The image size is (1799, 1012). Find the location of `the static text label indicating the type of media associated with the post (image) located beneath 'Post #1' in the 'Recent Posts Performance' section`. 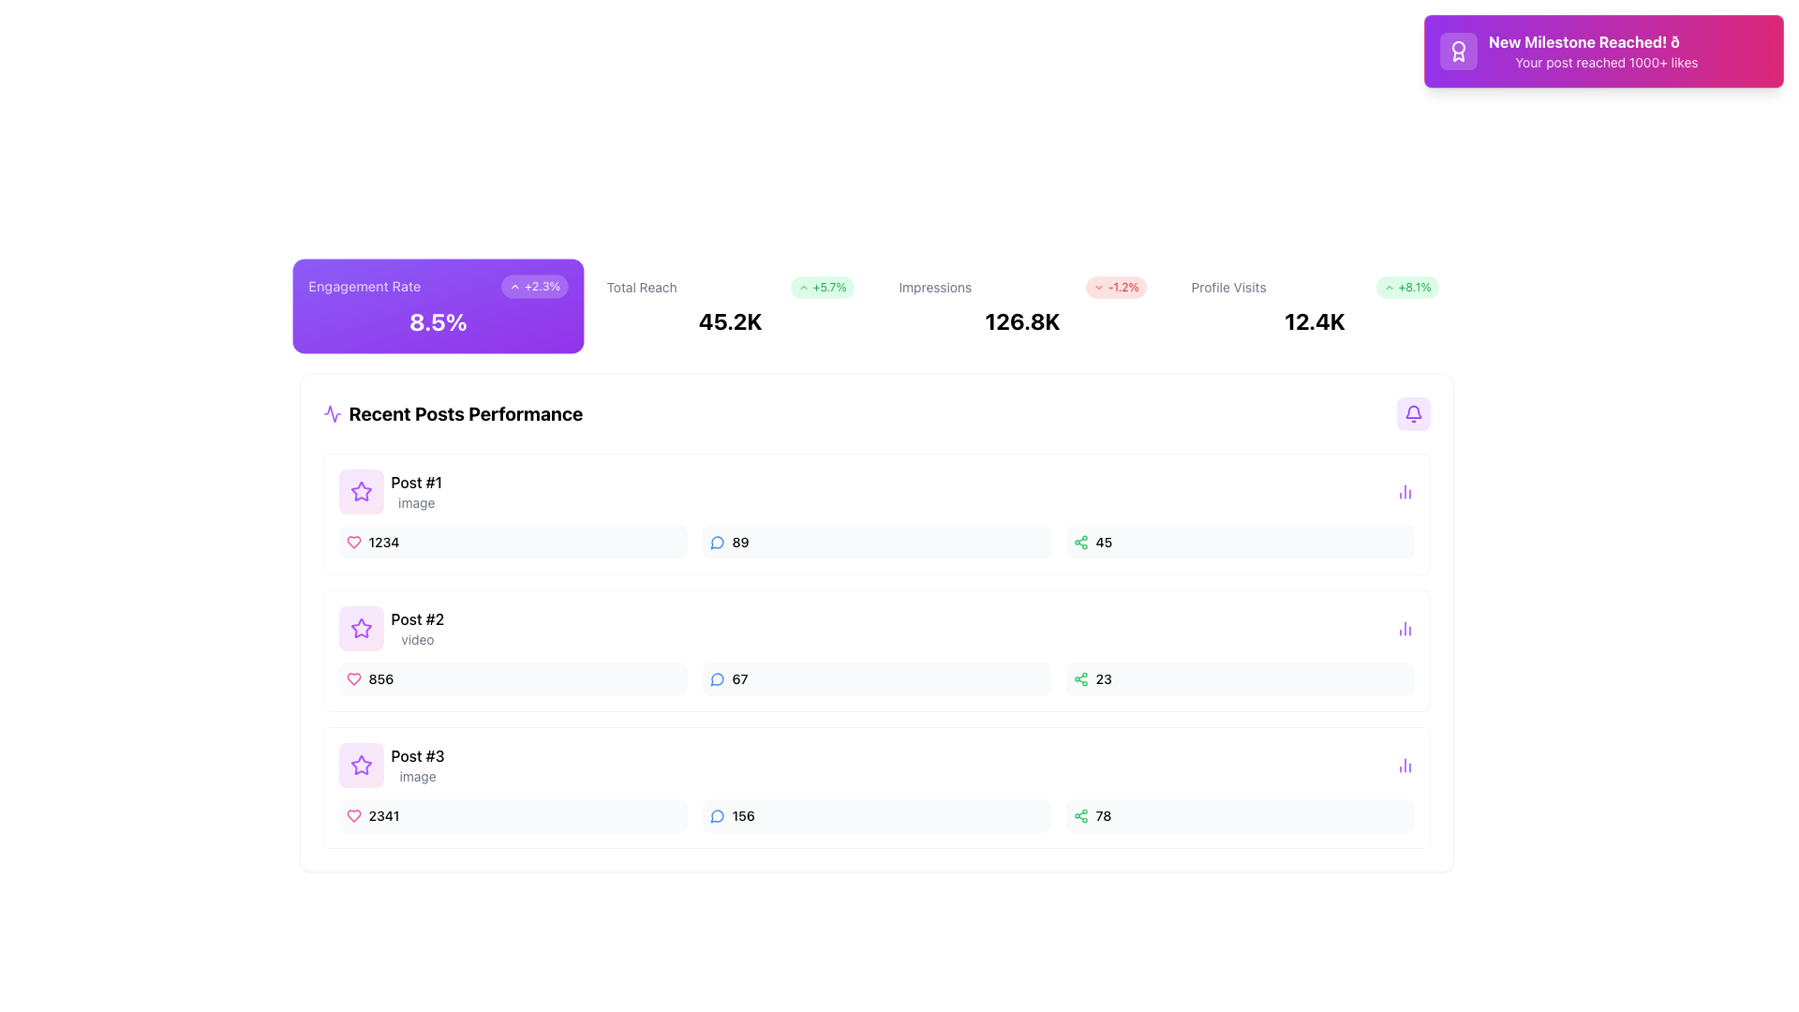

the static text label indicating the type of media associated with the post (image) located beneath 'Post #1' in the 'Recent Posts Performance' section is located at coordinates (415, 501).